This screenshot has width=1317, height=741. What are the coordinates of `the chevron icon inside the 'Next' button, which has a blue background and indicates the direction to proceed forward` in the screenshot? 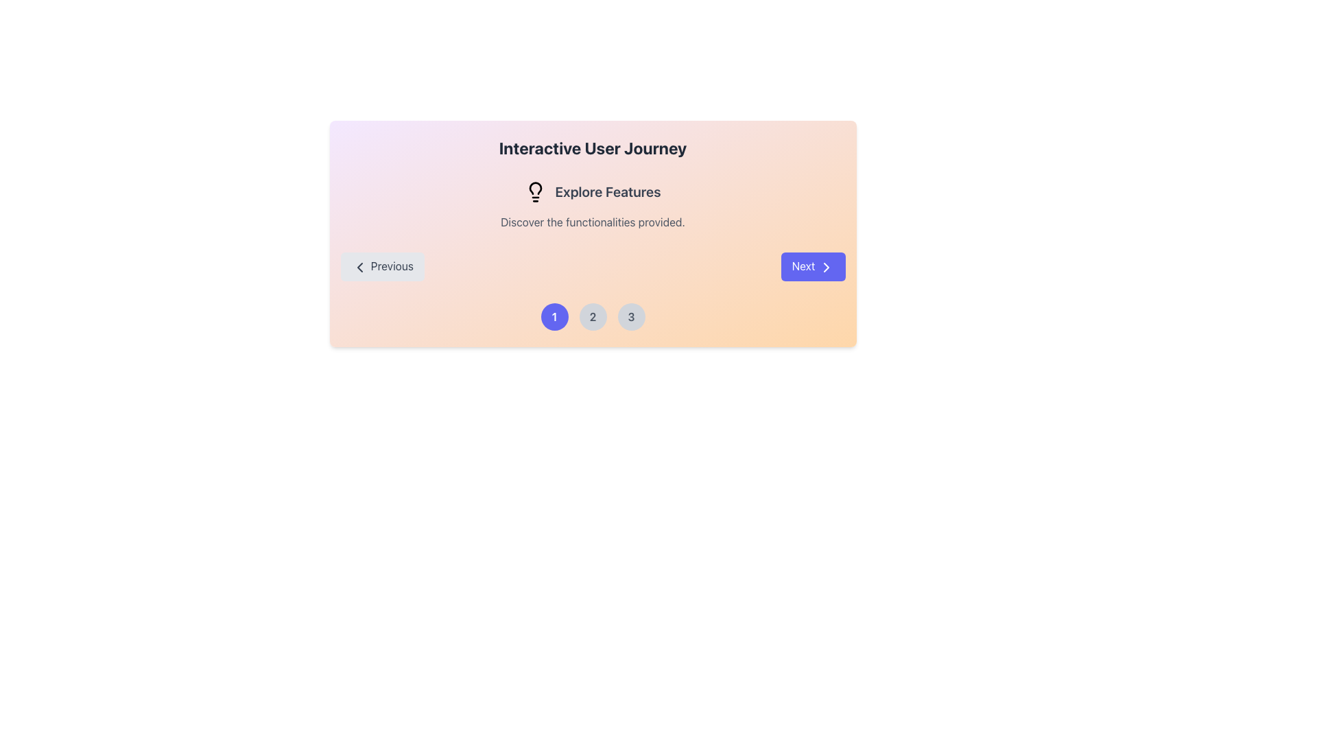 It's located at (825, 267).